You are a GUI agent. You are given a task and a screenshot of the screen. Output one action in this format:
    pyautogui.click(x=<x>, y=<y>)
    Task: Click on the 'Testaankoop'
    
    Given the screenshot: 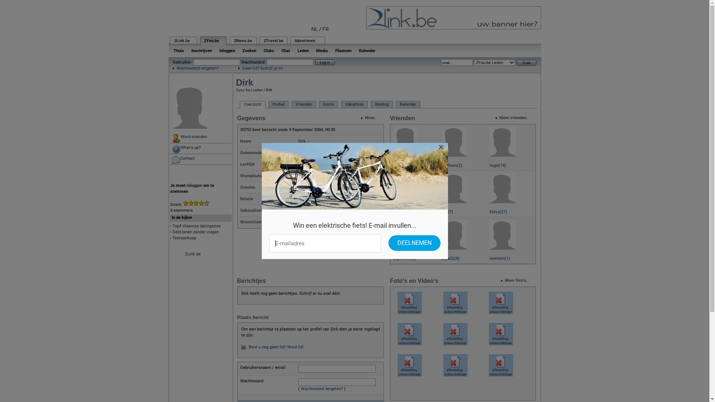 What is the action you would take?
    pyautogui.click(x=184, y=238)
    